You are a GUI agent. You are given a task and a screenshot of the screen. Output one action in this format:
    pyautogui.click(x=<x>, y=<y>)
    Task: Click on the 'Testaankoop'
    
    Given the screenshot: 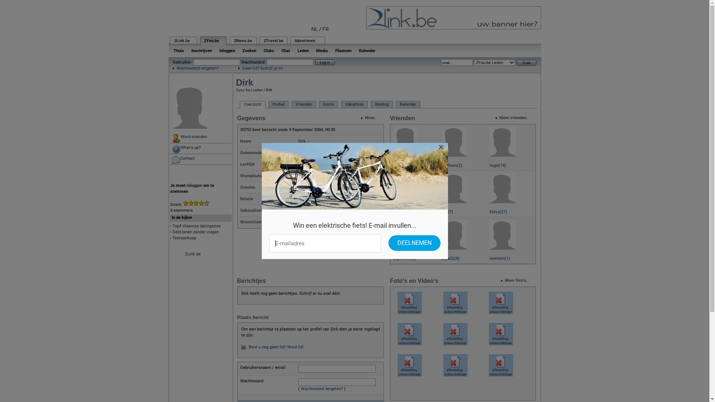 What is the action you would take?
    pyautogui.click(x=184, y=238)
    